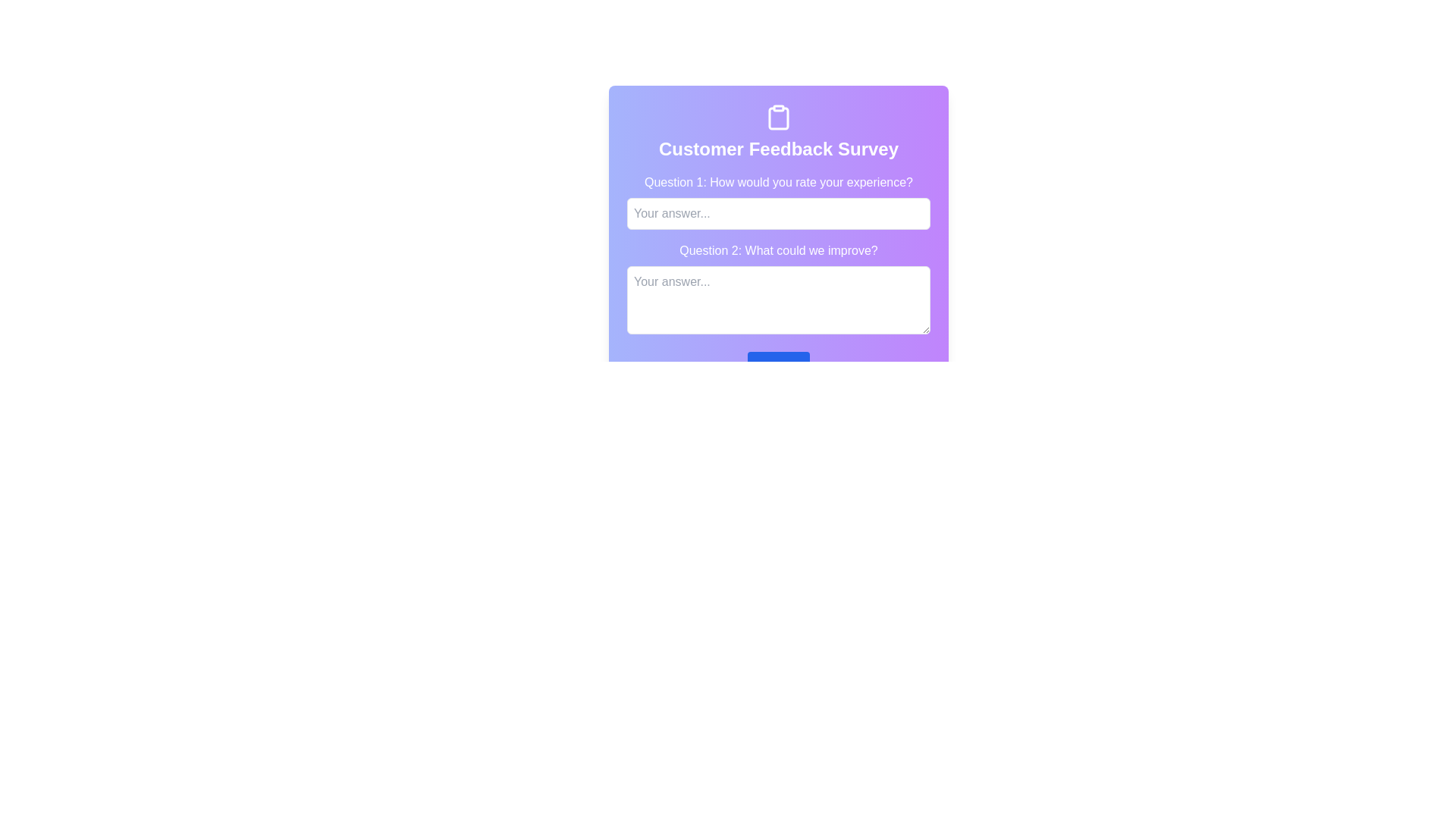 This screenshot has height=819, width=1456. What do you see at coordinates (779, 118) in the screenshot?
I see `the clipboard icon, which is light purple and located above the 'Customer Feedback Survey' heading` at bounding box center [779, 118].